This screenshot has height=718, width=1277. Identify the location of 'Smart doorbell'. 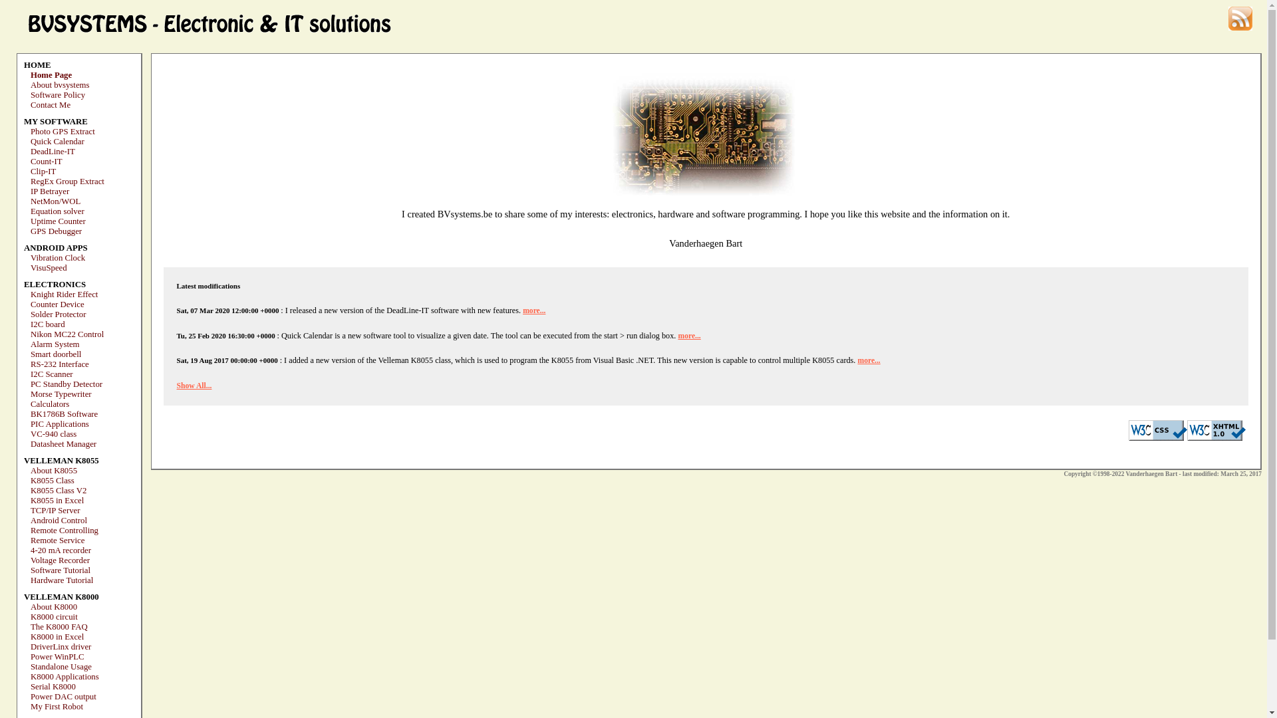
(55, 353).